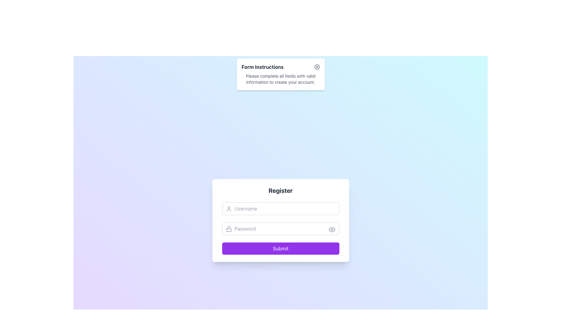  I want to click on the icon located at the top-left corner of the username input field in the registration form, which serves as a visual indicator for the username field, so click(228, 209).